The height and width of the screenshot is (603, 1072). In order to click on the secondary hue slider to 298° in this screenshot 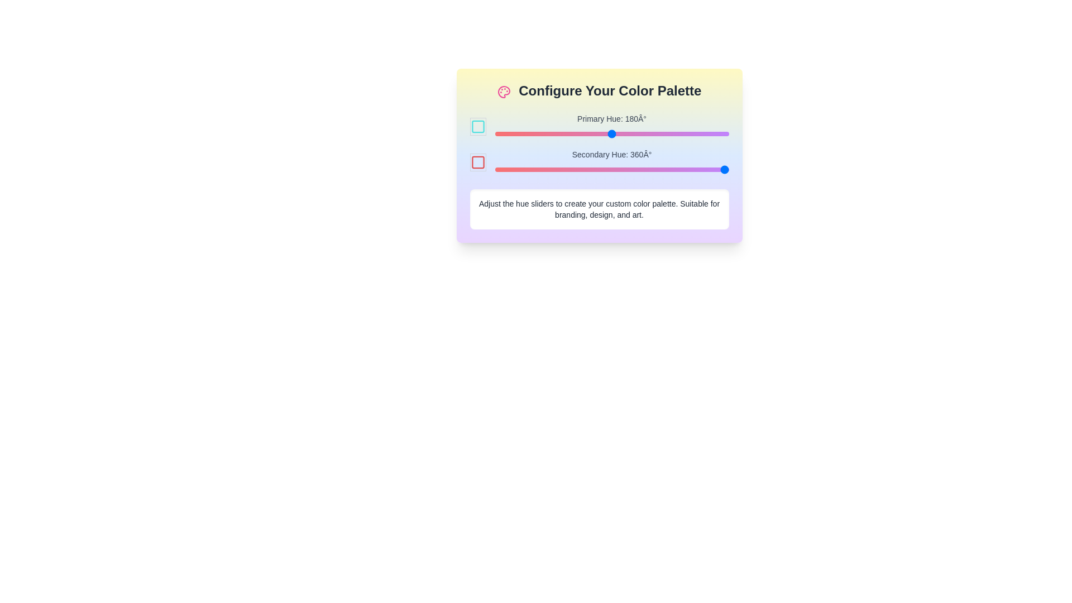, I will do `click(688, 170)`.